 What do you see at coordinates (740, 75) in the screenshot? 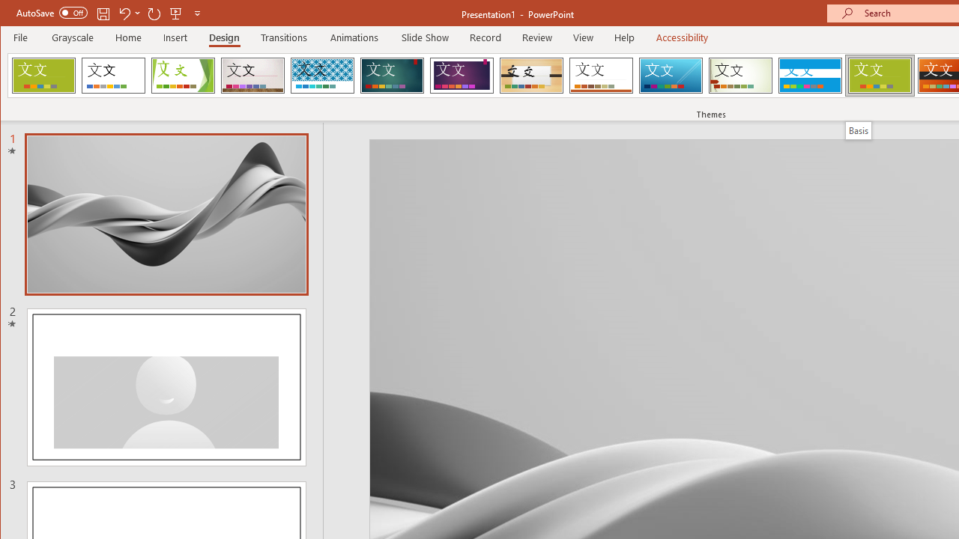
I see `'Wisp'` at bounding box center [740, 75].